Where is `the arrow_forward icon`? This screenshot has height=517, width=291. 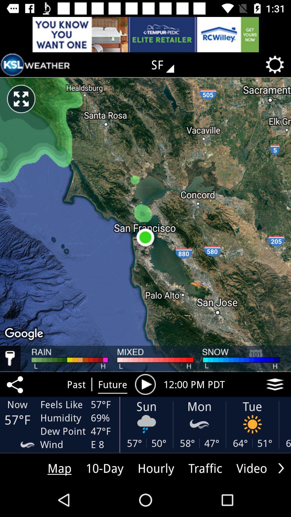
the arrow_forward icon is located at coordinates (281, 468).